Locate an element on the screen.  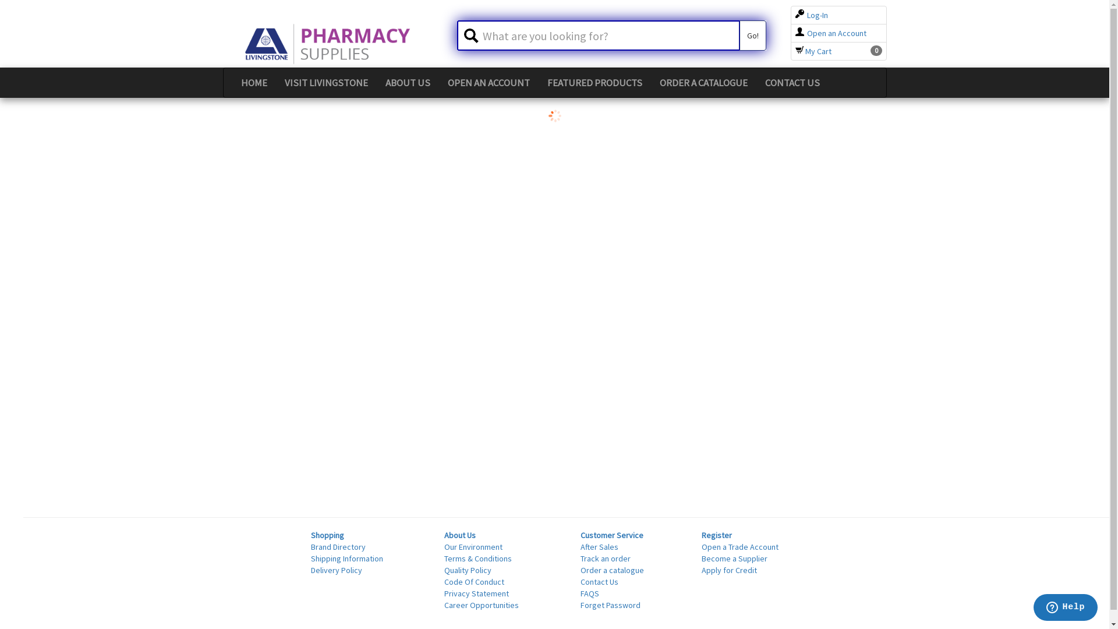
'Open a Trade Account' is located at coordinates (700, 546).